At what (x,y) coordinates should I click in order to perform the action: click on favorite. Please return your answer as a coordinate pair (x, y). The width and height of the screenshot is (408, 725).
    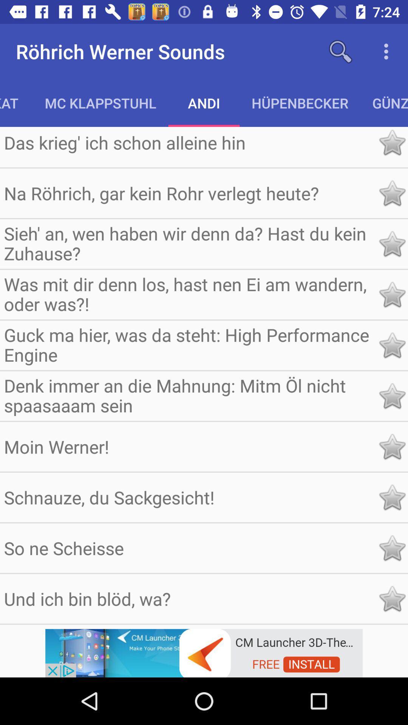
    Looking at the image, I should click on (391, 193).